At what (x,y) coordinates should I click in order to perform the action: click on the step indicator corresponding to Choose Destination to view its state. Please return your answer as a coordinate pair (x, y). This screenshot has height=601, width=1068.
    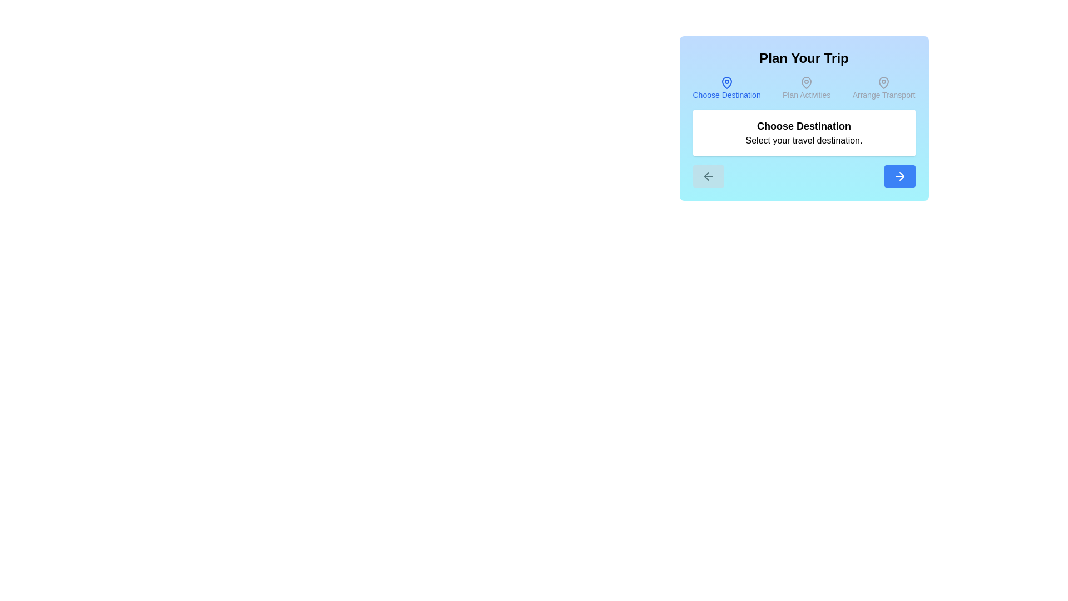
    Looking at the image, I should click on (726, 87).